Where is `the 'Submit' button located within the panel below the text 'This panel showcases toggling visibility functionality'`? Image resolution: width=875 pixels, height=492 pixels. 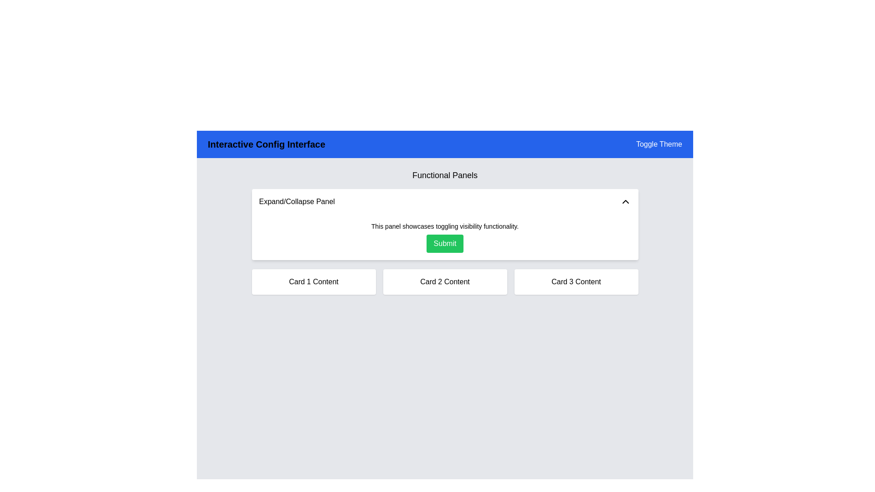 the 'Submit' button located within the panel below the text 'This panel showcases toggling visibility functionality' is located at coordinates (445, 243).